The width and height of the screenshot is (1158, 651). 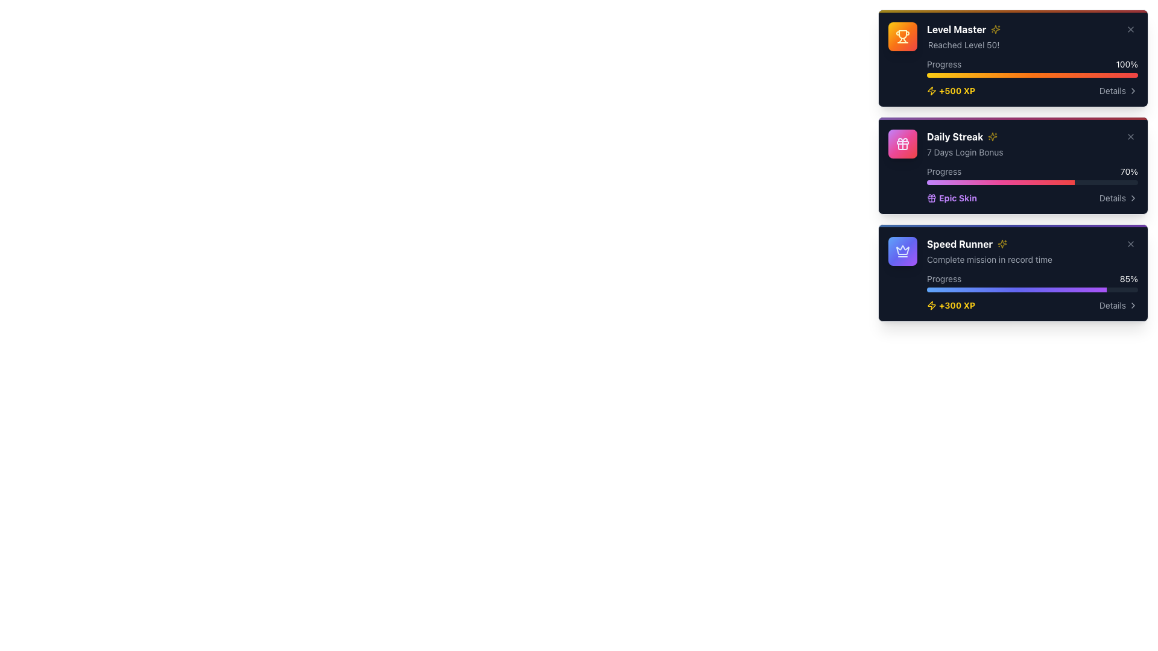 I want to click on the text component displaying 'Epic Skin' in bold purple font, located within the 'Daily Streak' card, so click(x=957, y=197).